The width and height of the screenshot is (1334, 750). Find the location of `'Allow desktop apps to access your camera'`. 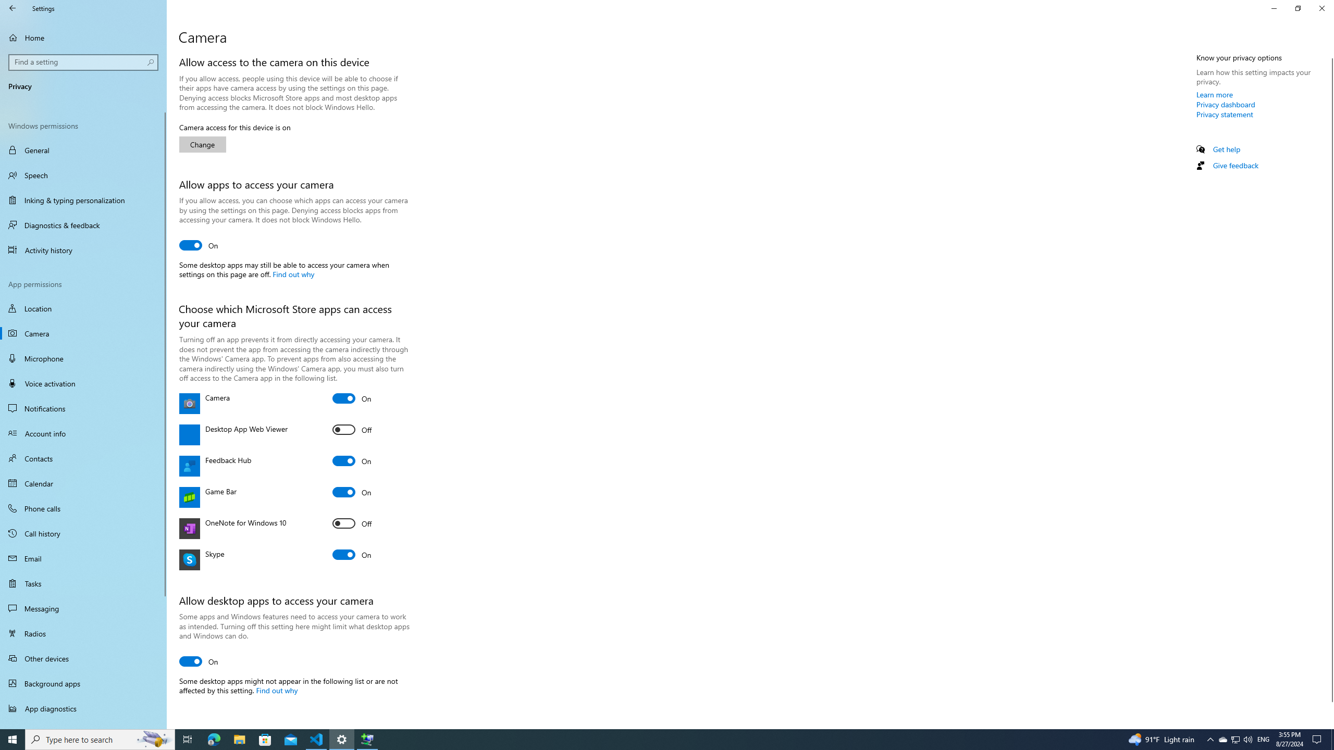

'Allow desktop apps to access your camera' is located at coordinates (198, 661).